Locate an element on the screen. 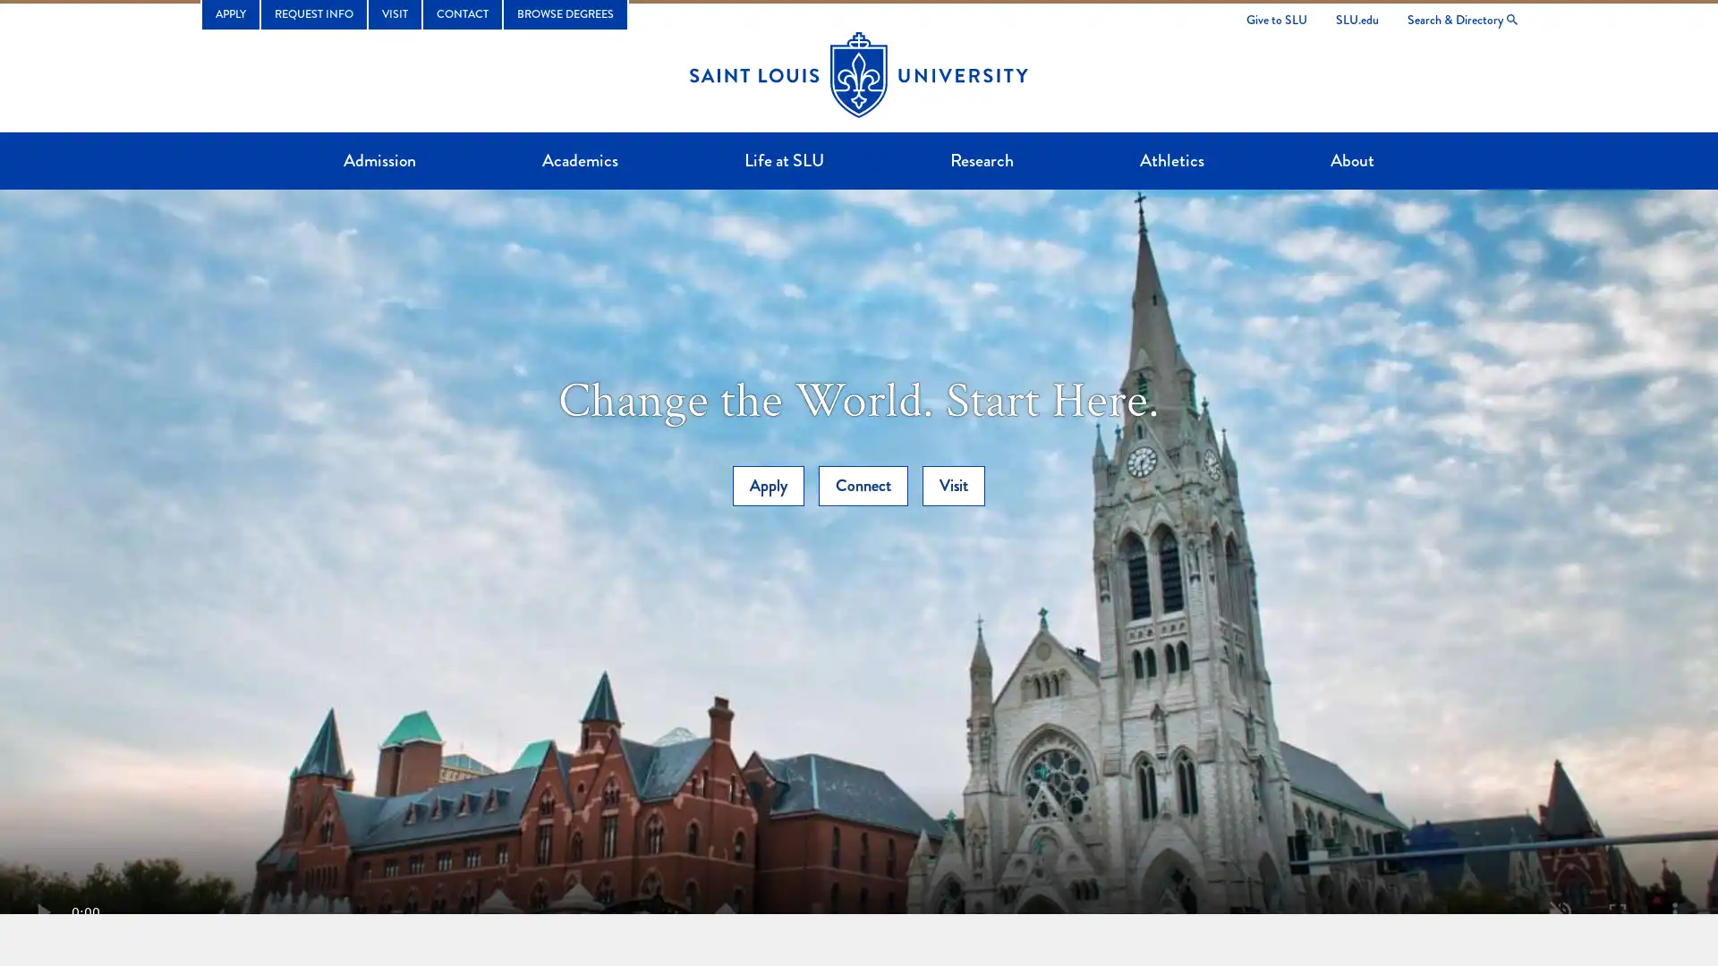 The width and height of the screenshot is (1718, 966). show more media controls is located at coordinates (1674, 911).